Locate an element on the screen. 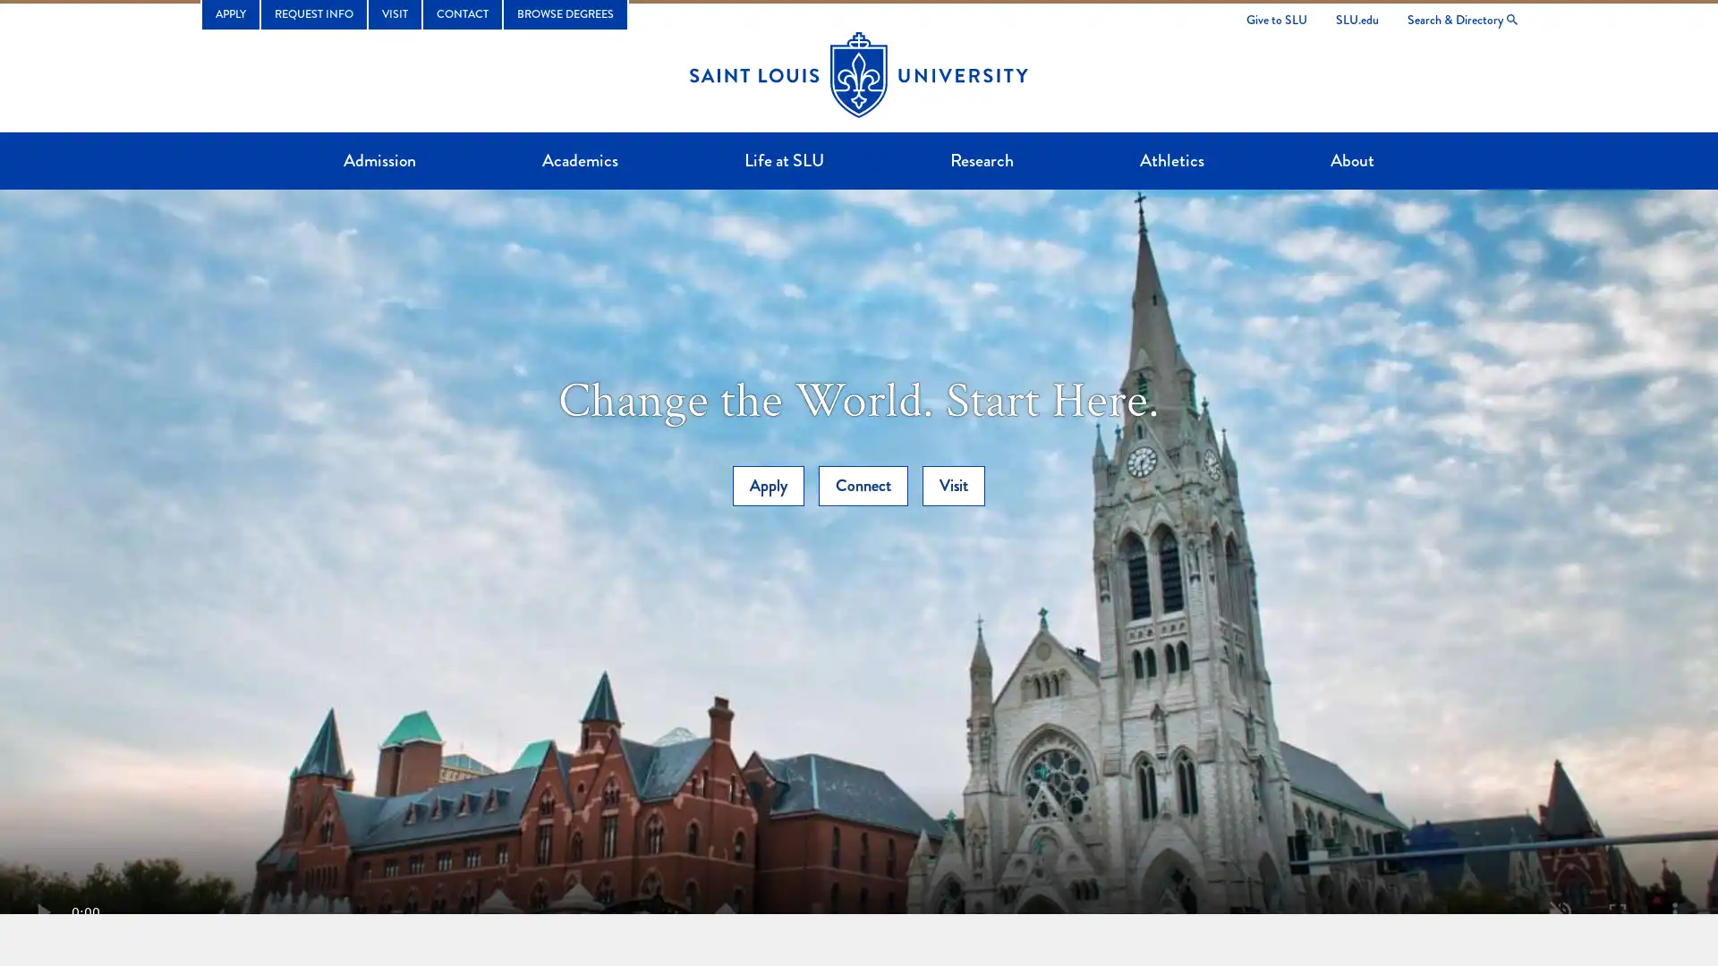 The width and height of the screenshot is (1718, 966). show more media controls is located at coordinates (1674, 911).